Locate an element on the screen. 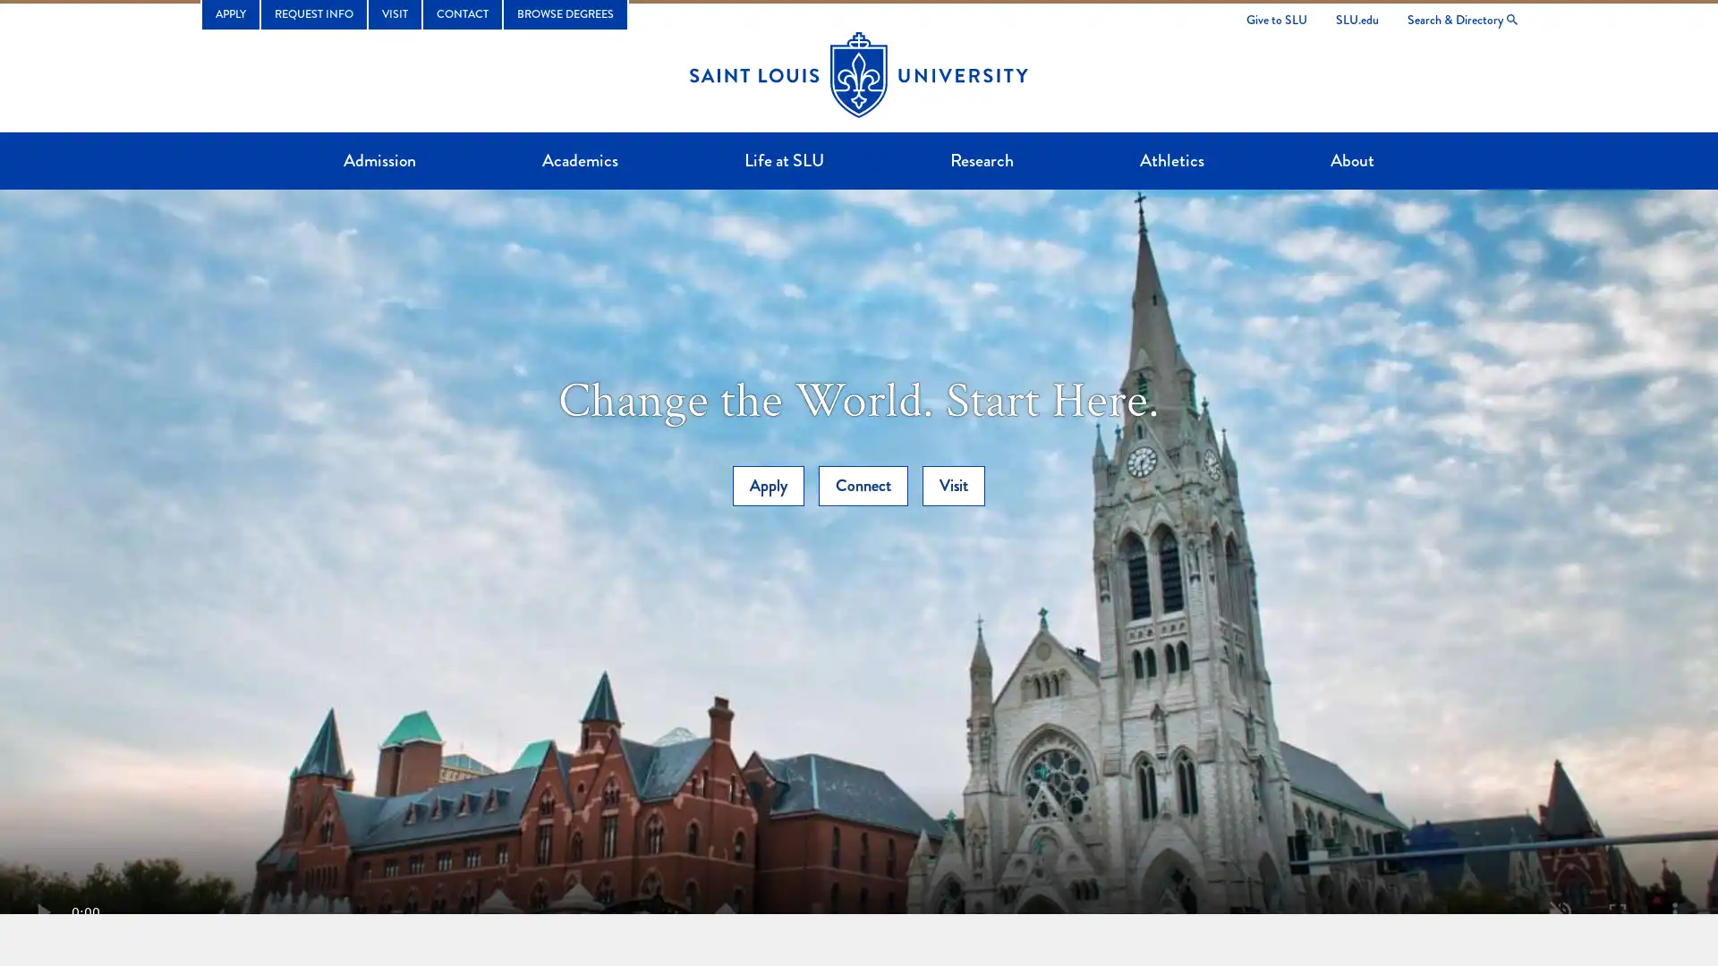 The width and height of the screenshot is (1718, 966). show more media controls is located at coordinates (1674, 911).